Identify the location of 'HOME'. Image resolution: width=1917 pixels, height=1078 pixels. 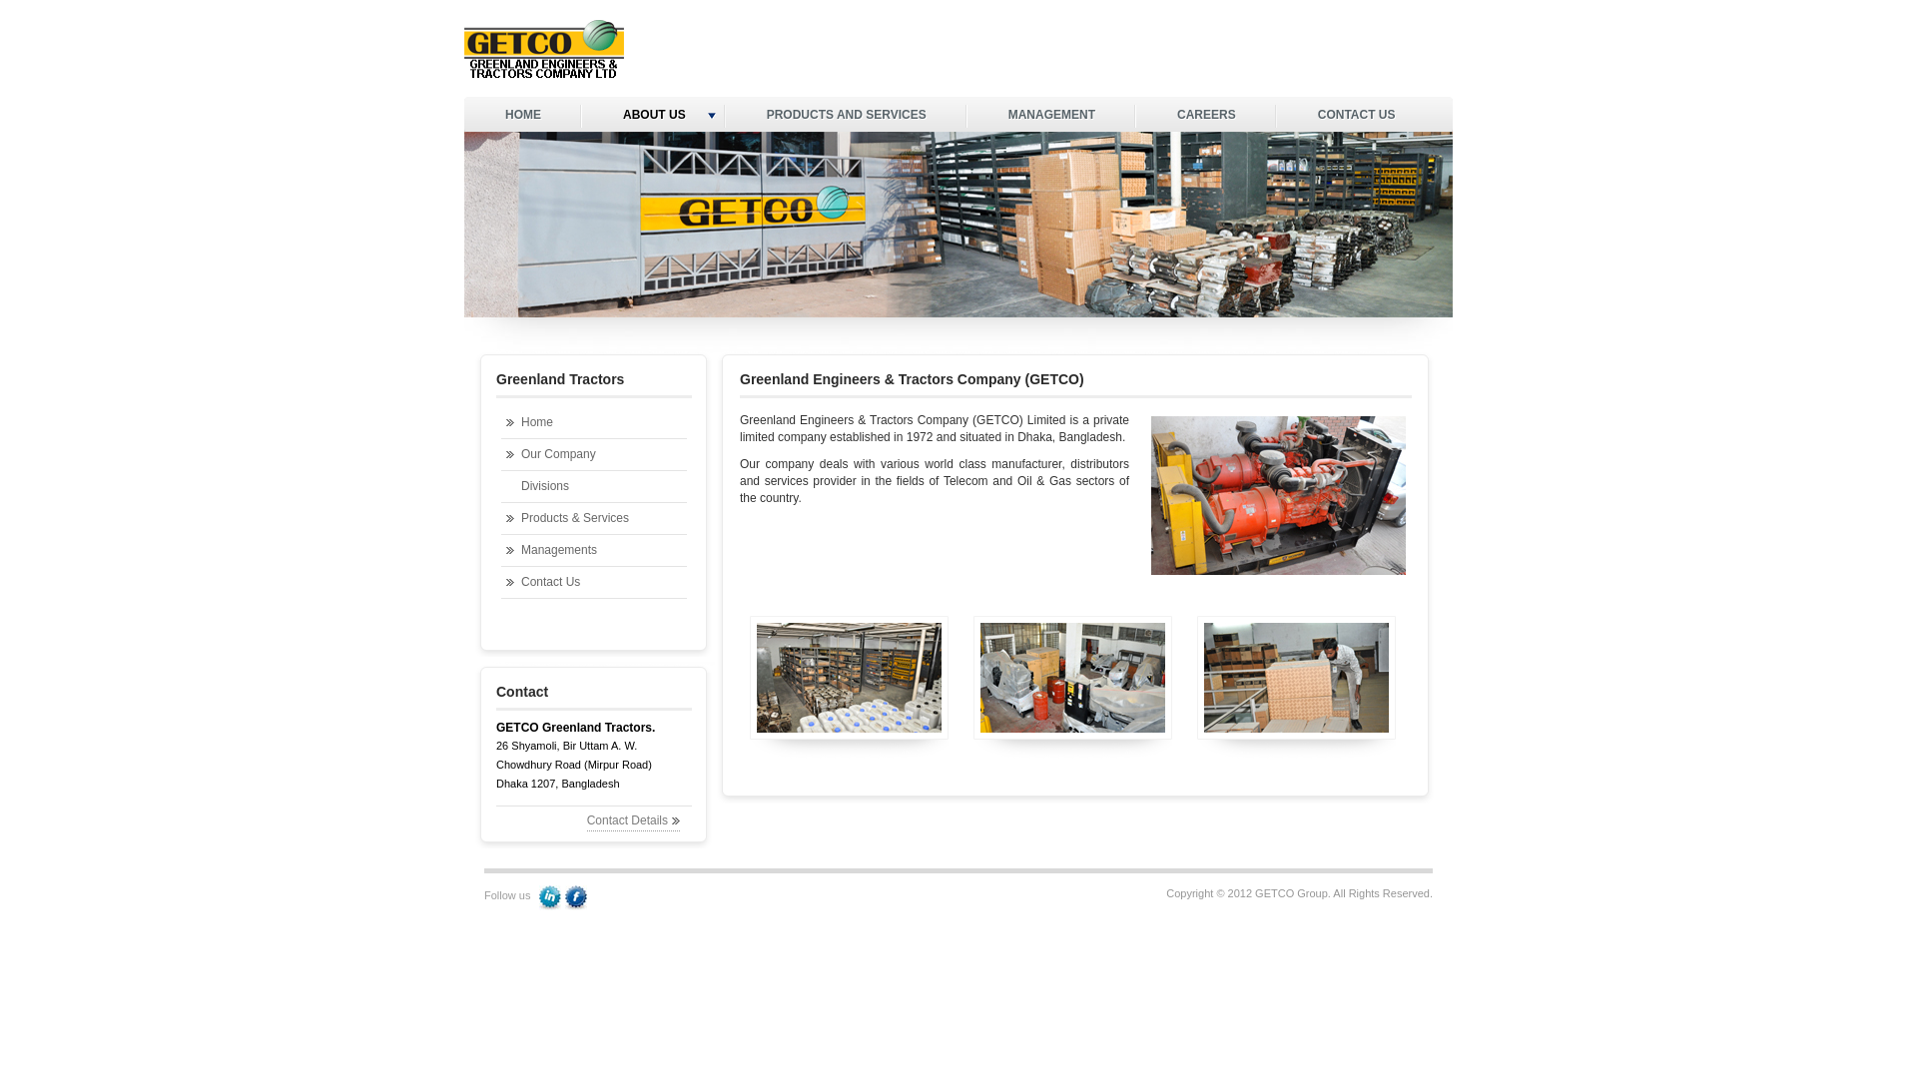
(522, 116).